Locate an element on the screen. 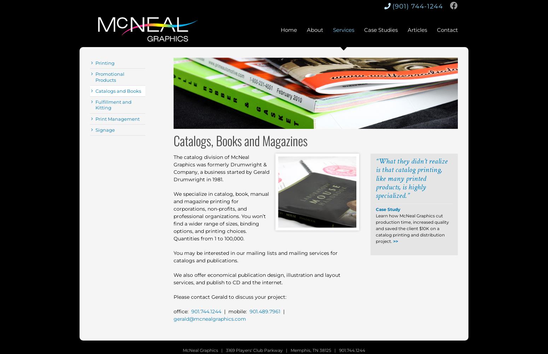 This screenshot has height=354, width=548. 'Signage' is located at coordinates (105, 129).